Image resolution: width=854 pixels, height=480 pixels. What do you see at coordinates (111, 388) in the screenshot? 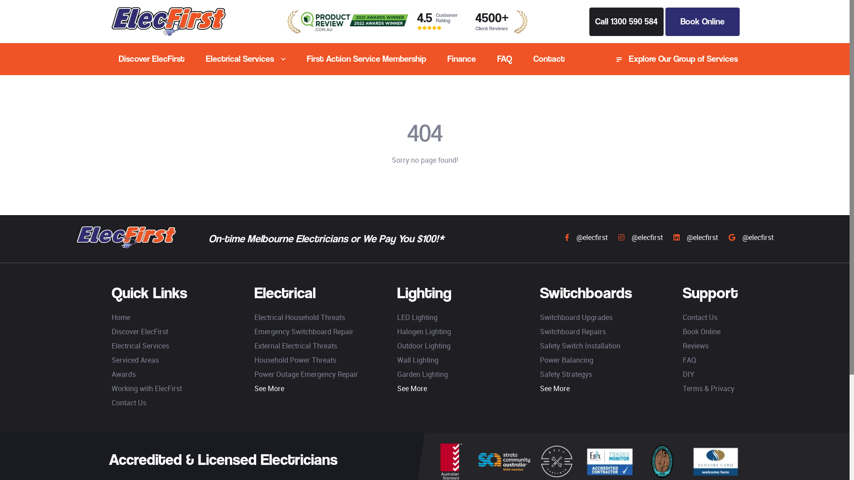
I see `'Working with ElecFirst'` at bounding box center [111, 388].